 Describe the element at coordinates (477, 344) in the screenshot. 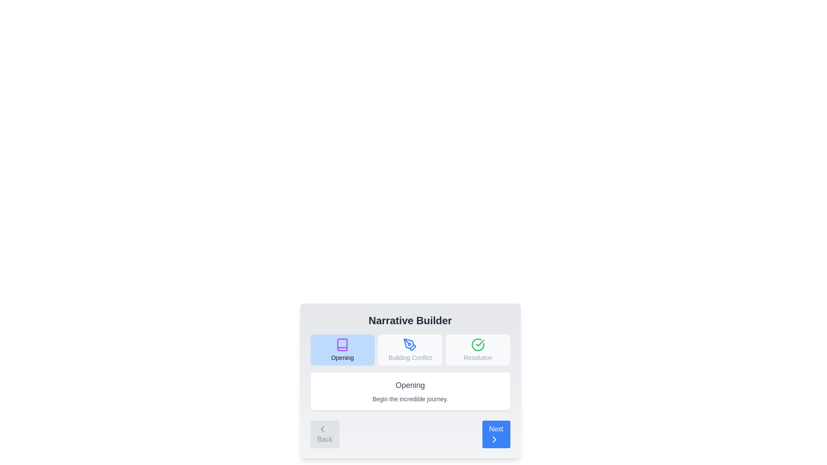

I see `the icon for the step Resolution to select it` at that location.